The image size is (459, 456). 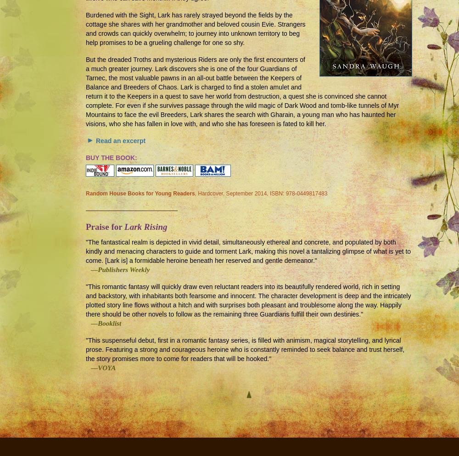 What do you see at coordinates (140, 193) in the screenshot?
I see `'Random House Books for Young Readers'` at bounding box center [140, 193].